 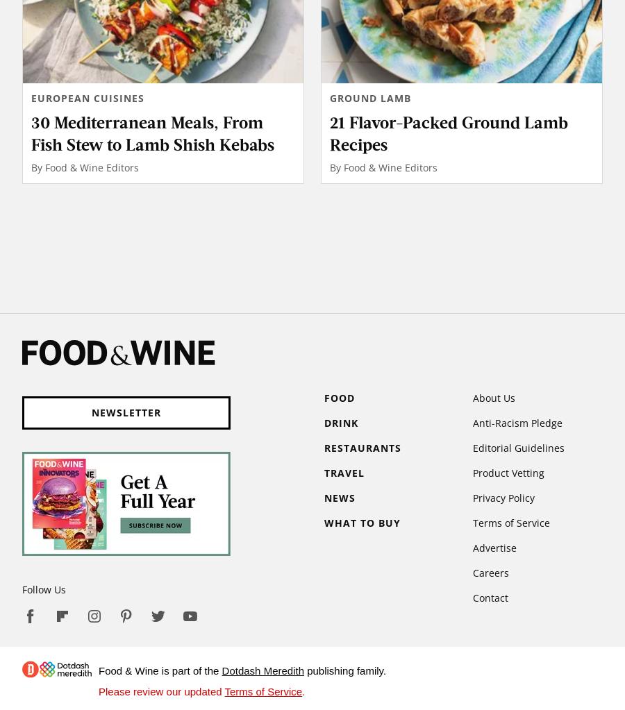 I want to click on 'Food & Wine is part of the', so click(x=99, y=670).